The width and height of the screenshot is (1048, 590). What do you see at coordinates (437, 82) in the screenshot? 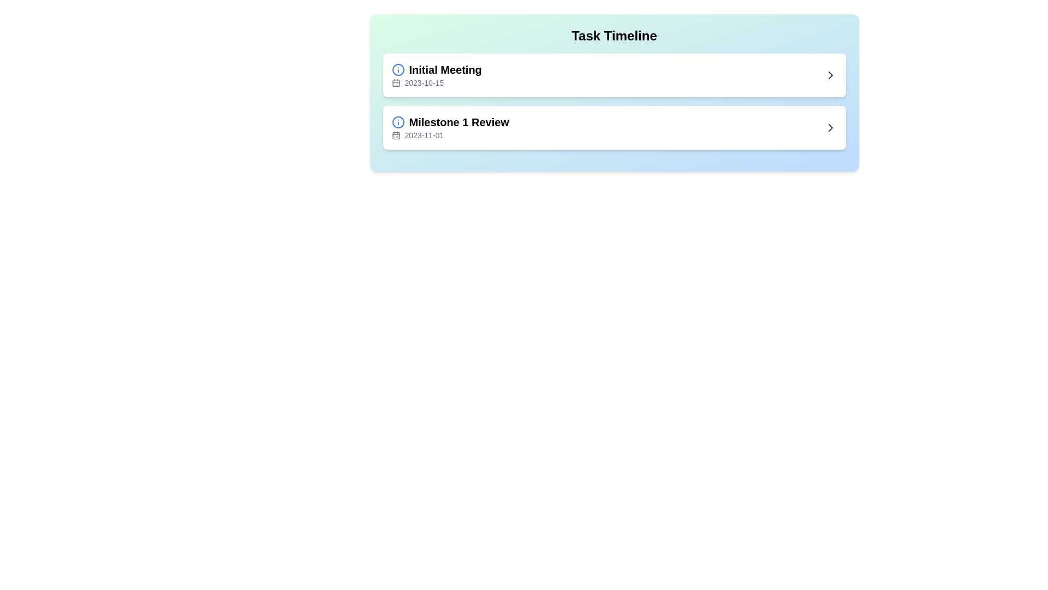
I see `the text component displaying the date '2023-10-15' with a compact calendar icon preceding it, which is positioned below the 'Initial Meeting' title` at bounding box center [437, 82].